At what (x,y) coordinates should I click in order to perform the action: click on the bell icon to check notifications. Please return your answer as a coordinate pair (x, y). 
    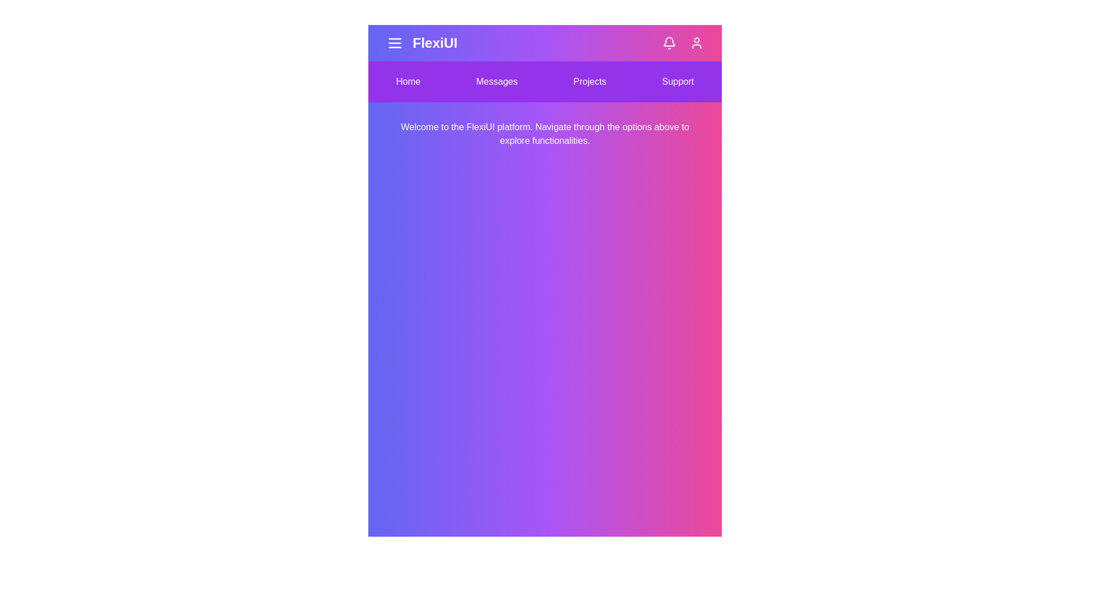
    Looking at the image, I should click on (669, 43).